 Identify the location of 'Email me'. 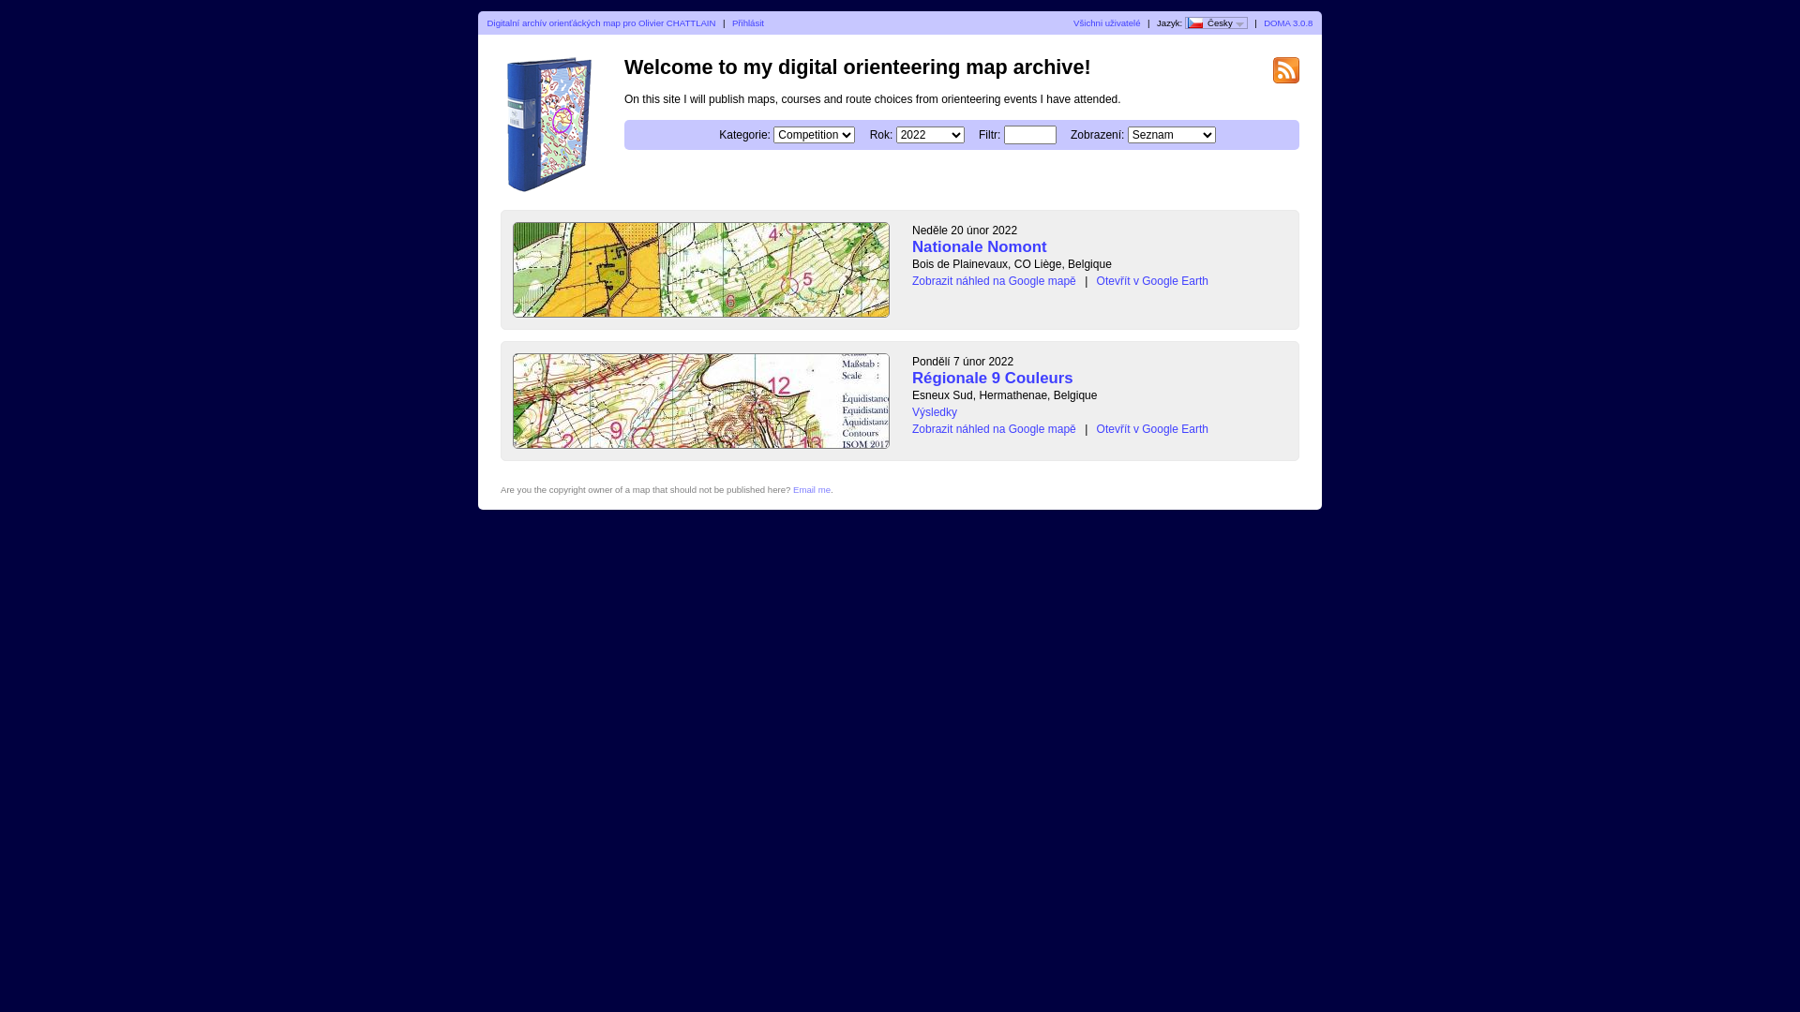
(811, 488).